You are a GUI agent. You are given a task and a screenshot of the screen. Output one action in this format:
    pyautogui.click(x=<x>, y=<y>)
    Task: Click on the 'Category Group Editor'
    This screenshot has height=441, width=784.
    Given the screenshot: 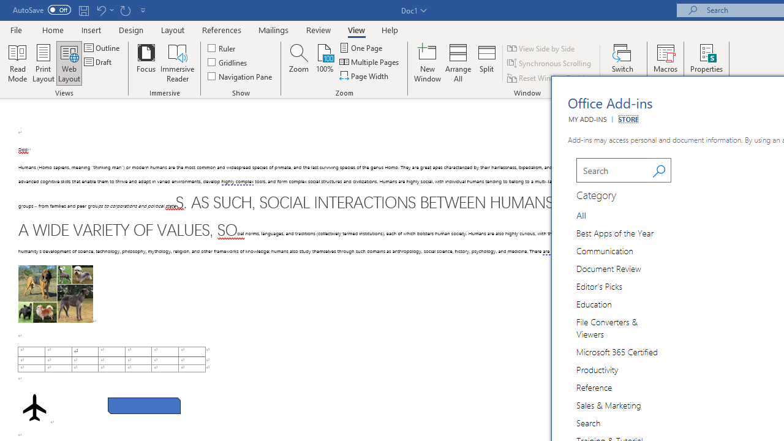 What is the action you would take?
    pyautogui.click(x=601, y=285)
    